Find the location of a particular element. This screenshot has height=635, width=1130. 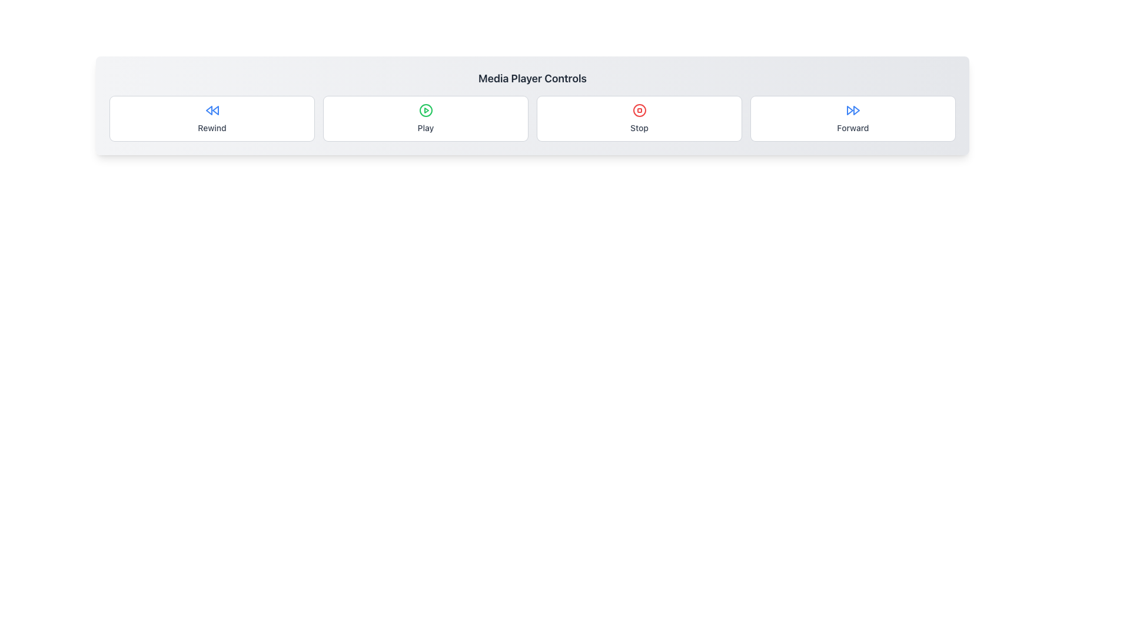

the Text label located below the 'Play' button icon in the media control panel, which clarifies the function of the adjacent interactive element is located at coordinates (425, 128).